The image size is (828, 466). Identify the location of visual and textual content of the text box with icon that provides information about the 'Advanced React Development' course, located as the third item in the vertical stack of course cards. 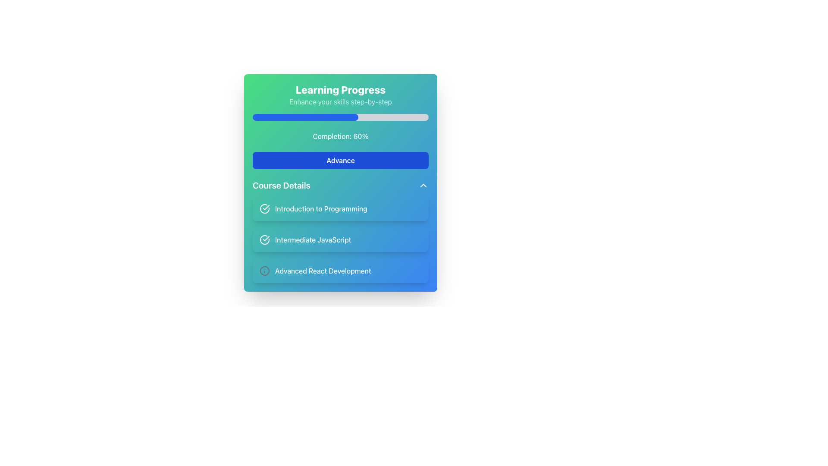
(340, 271).